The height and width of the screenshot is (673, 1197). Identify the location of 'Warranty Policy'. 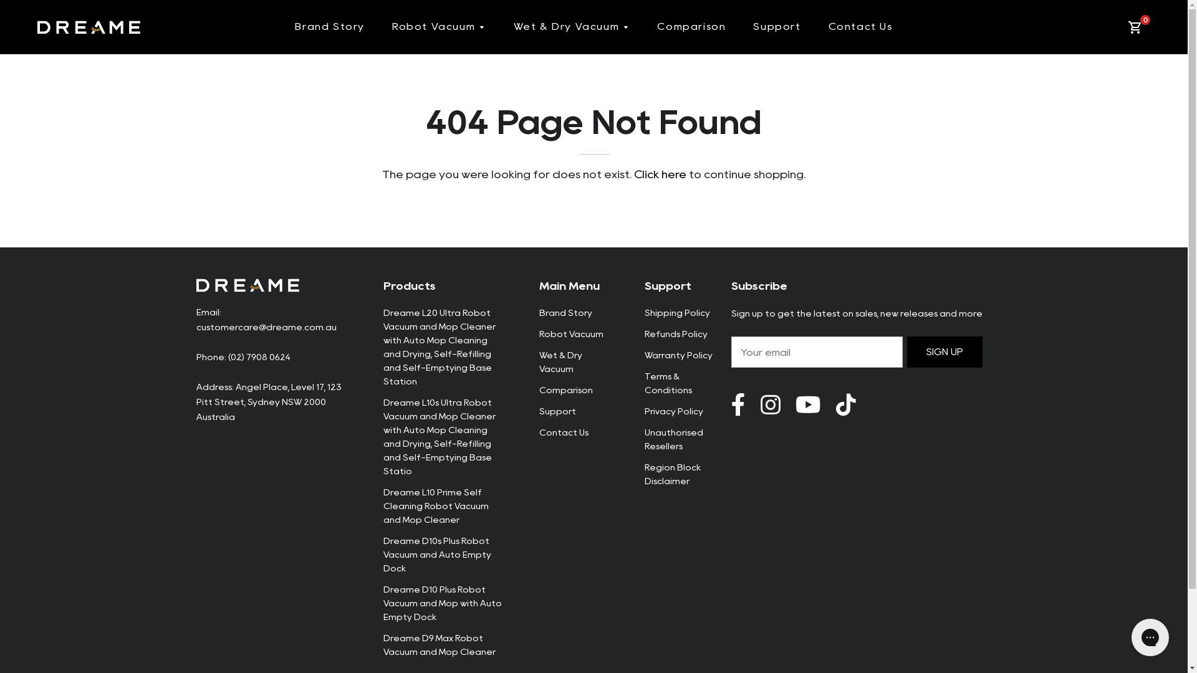
(678, 355).